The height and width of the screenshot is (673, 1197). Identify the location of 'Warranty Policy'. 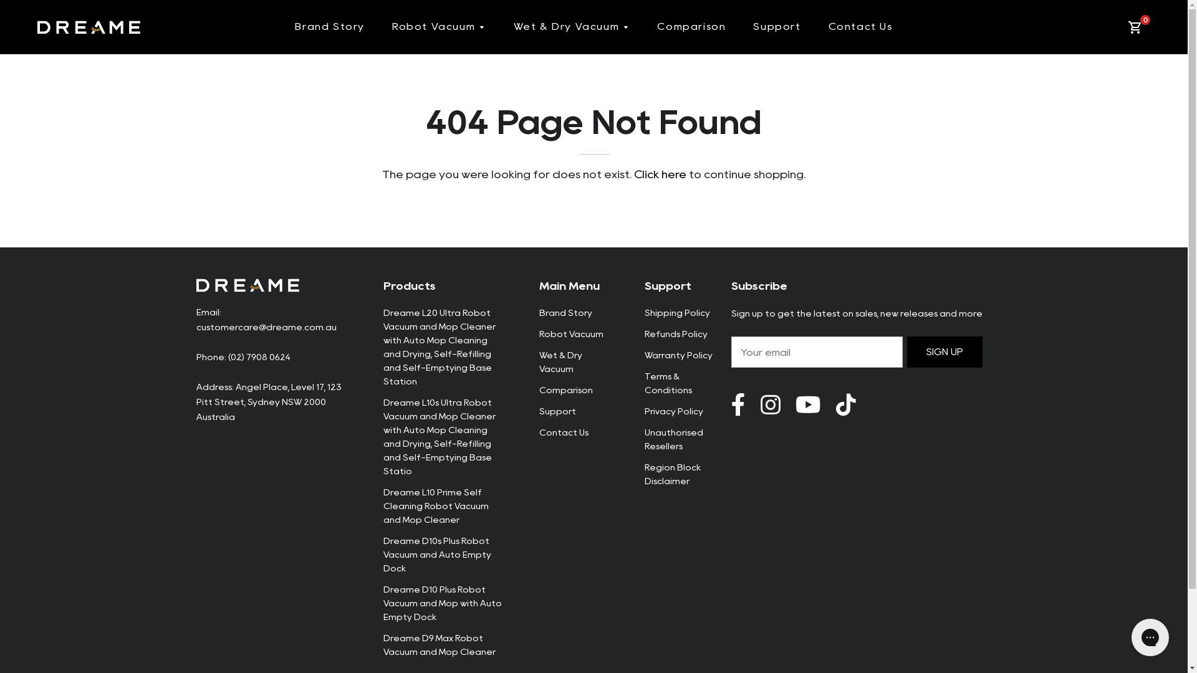
(678, 355).